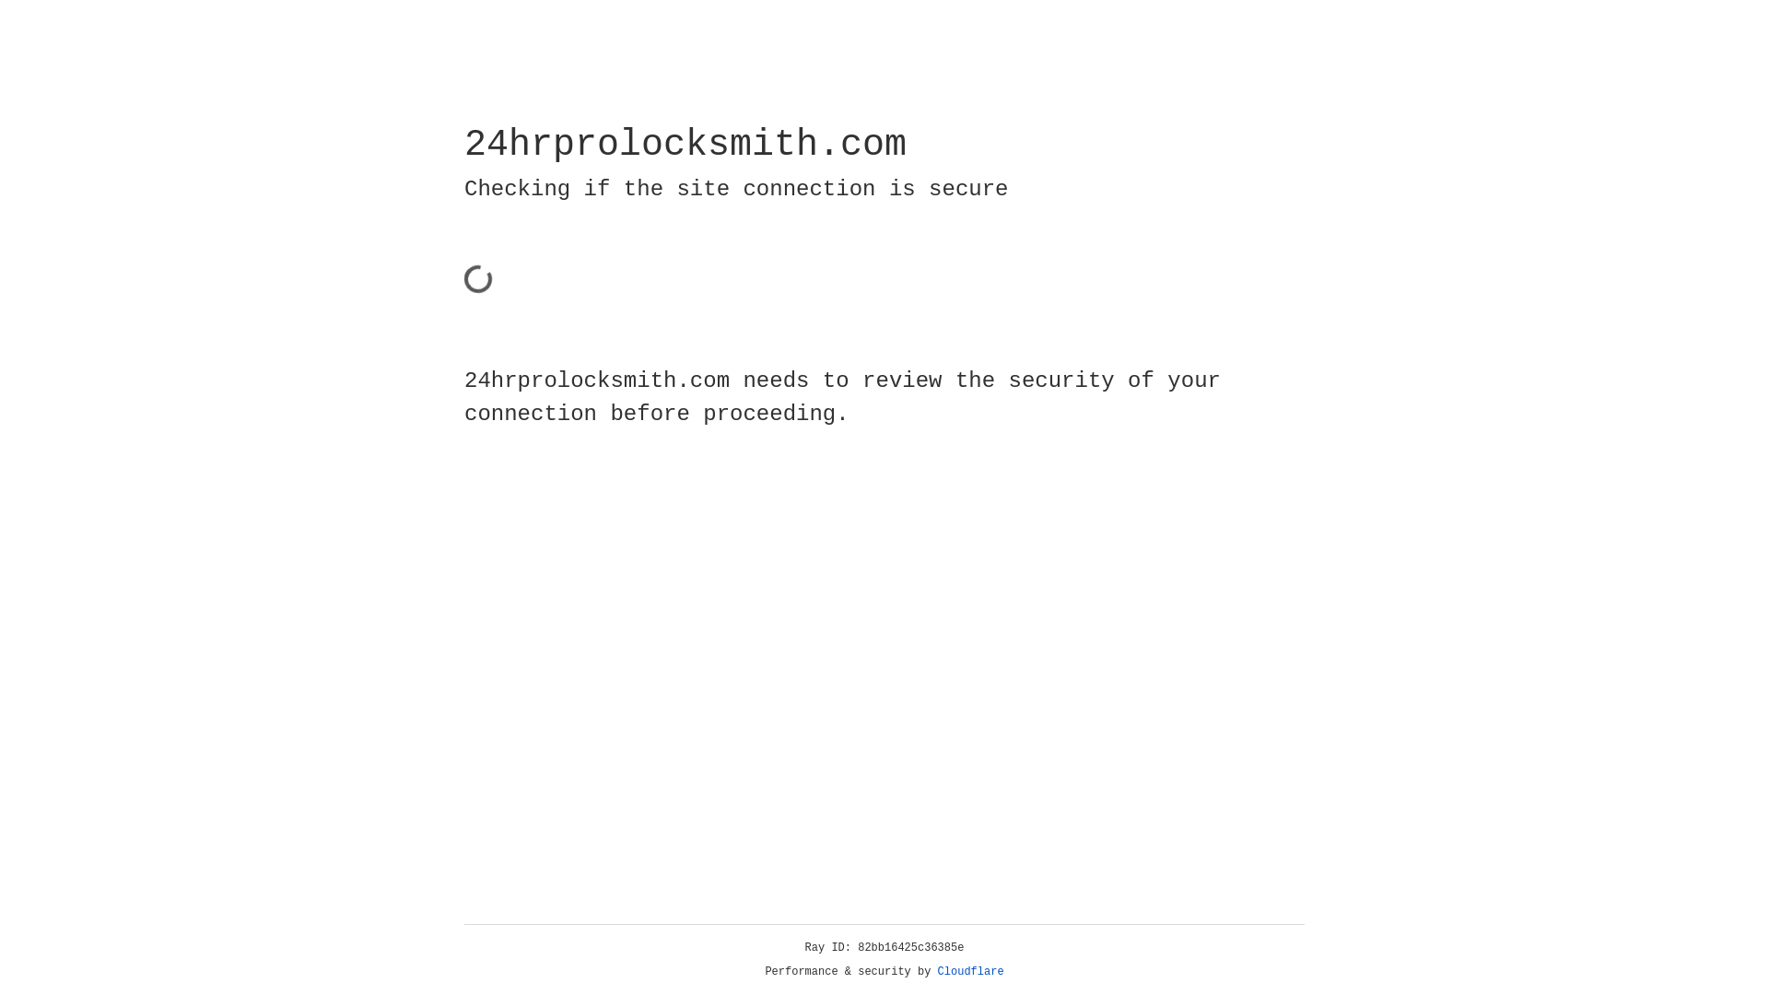 Image resolution: width=1769 pixels, height=995 pixels. Describe the element at coordinates (970, 971) in the screenshot. I see `'Cloudflare'` at that location.